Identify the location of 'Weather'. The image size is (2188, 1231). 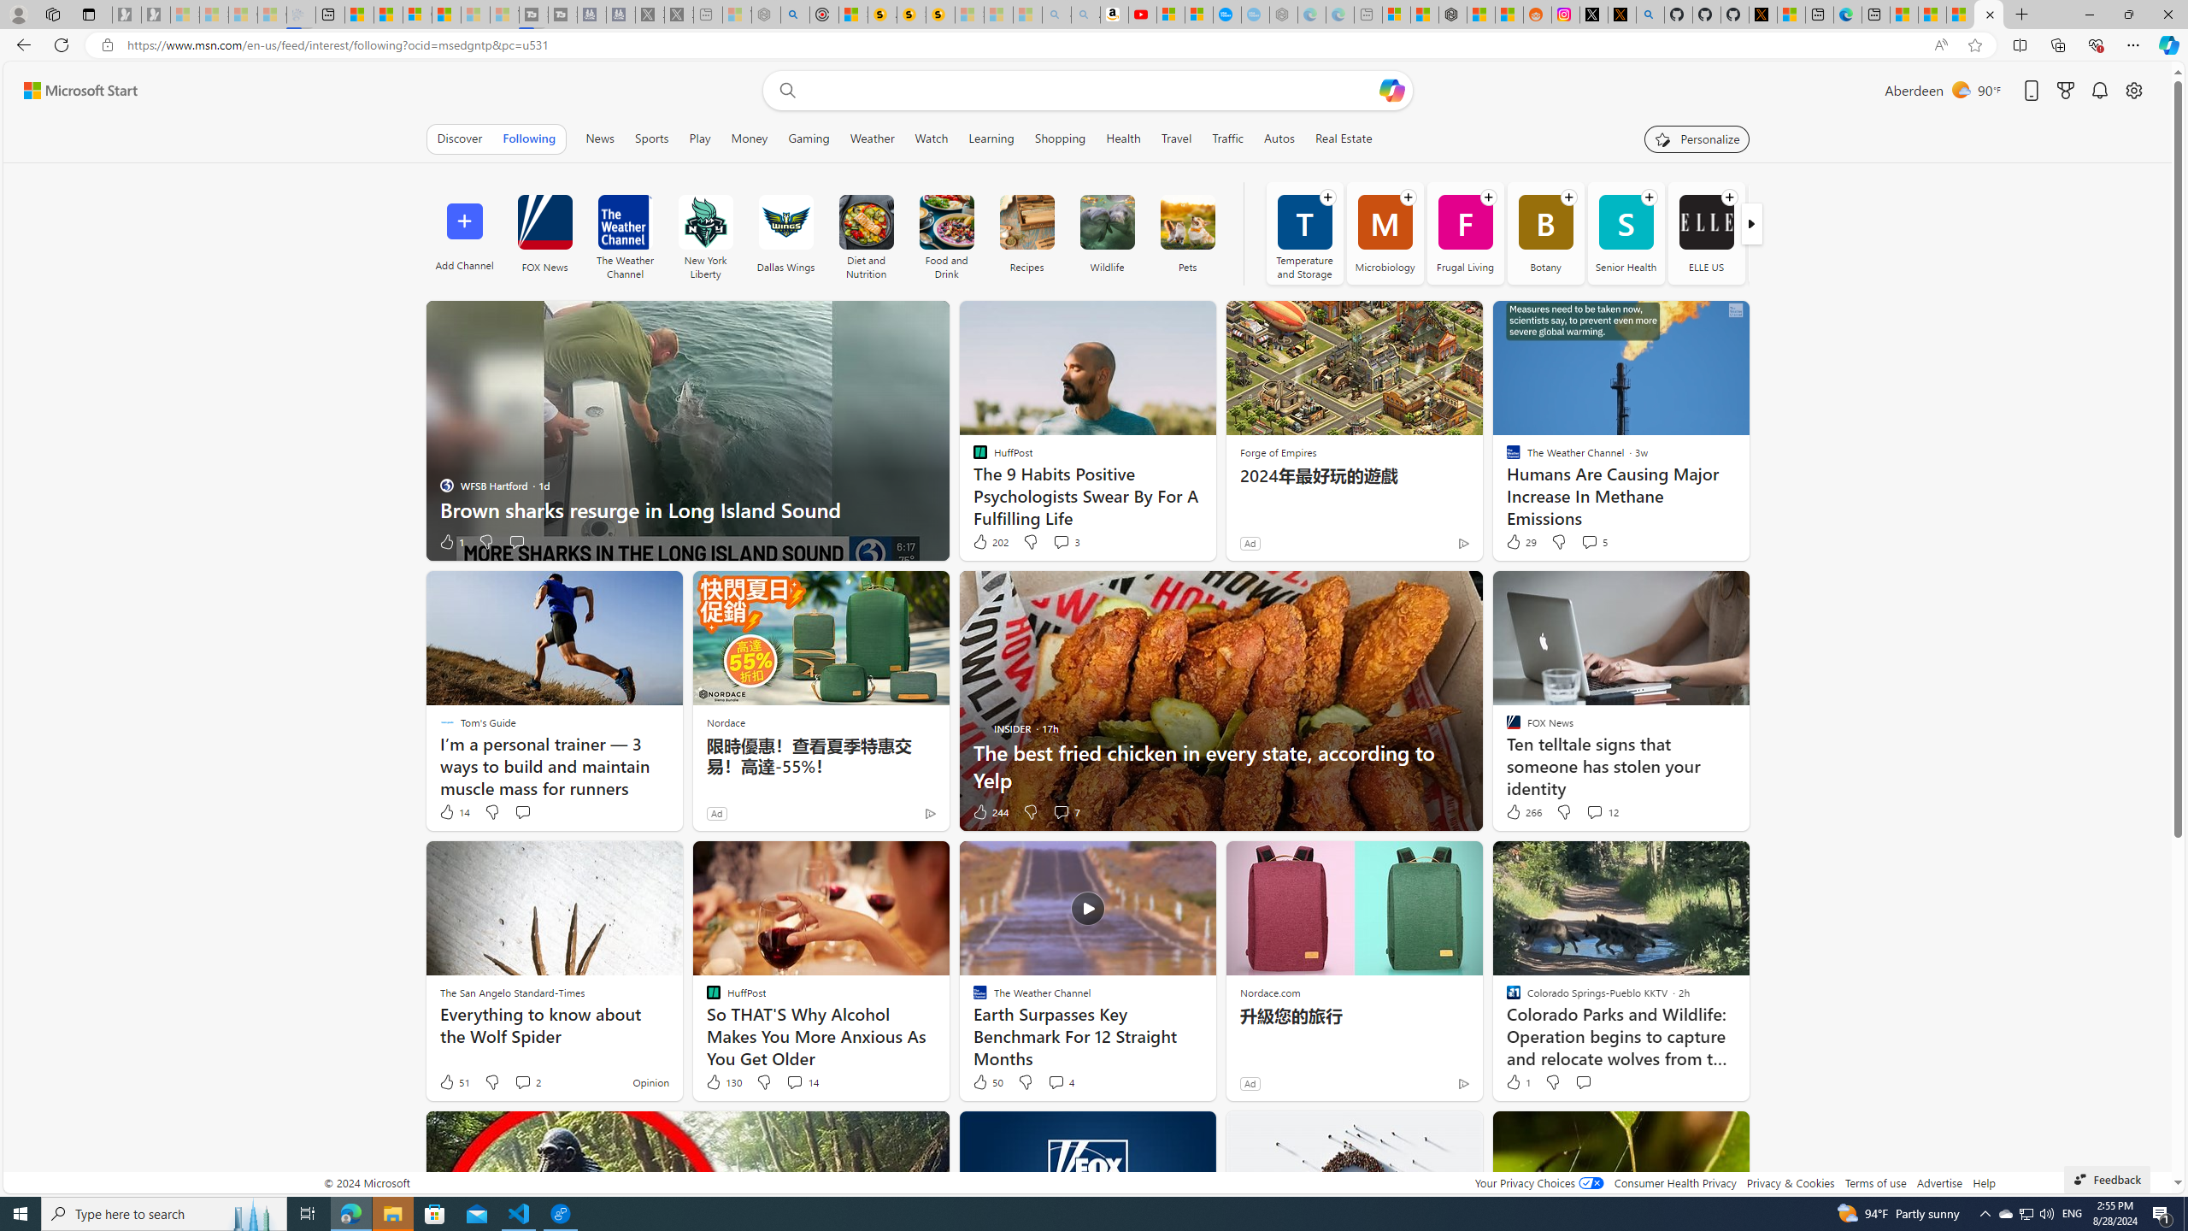
(872, 138).